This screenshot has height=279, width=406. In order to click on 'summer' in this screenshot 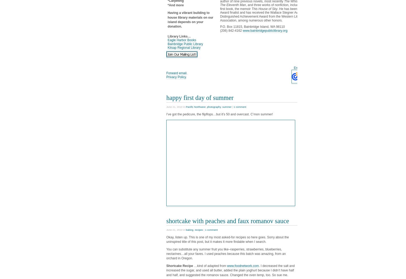, I will do `click(222, 107)`.